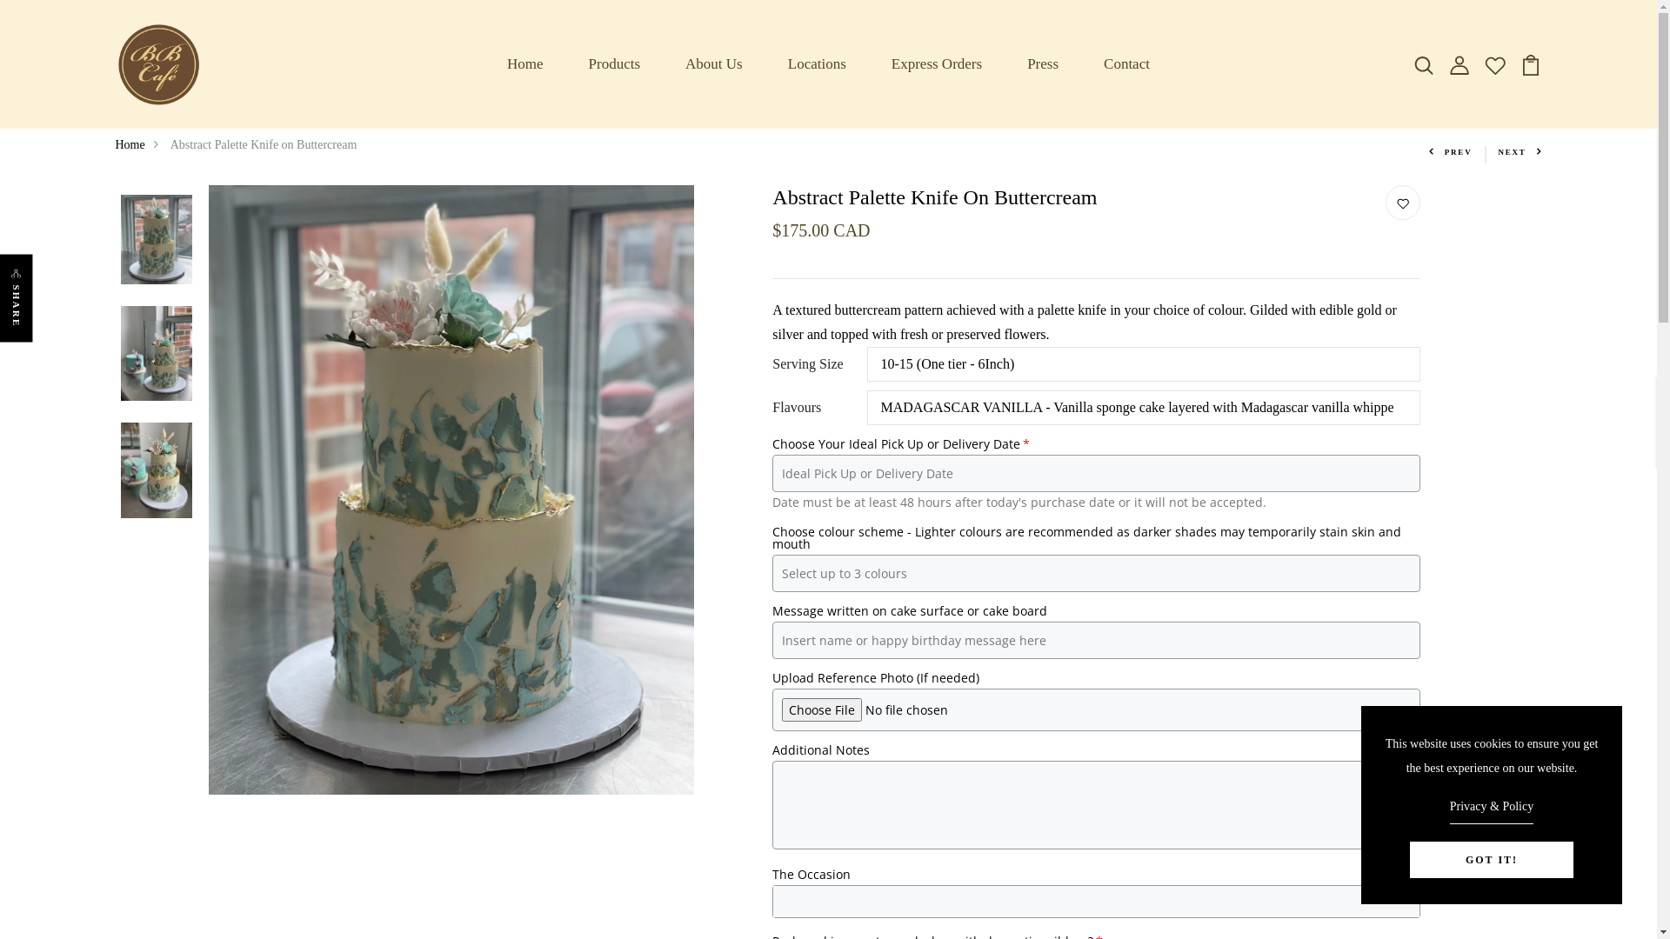 Image resolution: width=1670 pixels, height=939 pixels. I want to click on 'image/svg+xml', so click(1402, 203).